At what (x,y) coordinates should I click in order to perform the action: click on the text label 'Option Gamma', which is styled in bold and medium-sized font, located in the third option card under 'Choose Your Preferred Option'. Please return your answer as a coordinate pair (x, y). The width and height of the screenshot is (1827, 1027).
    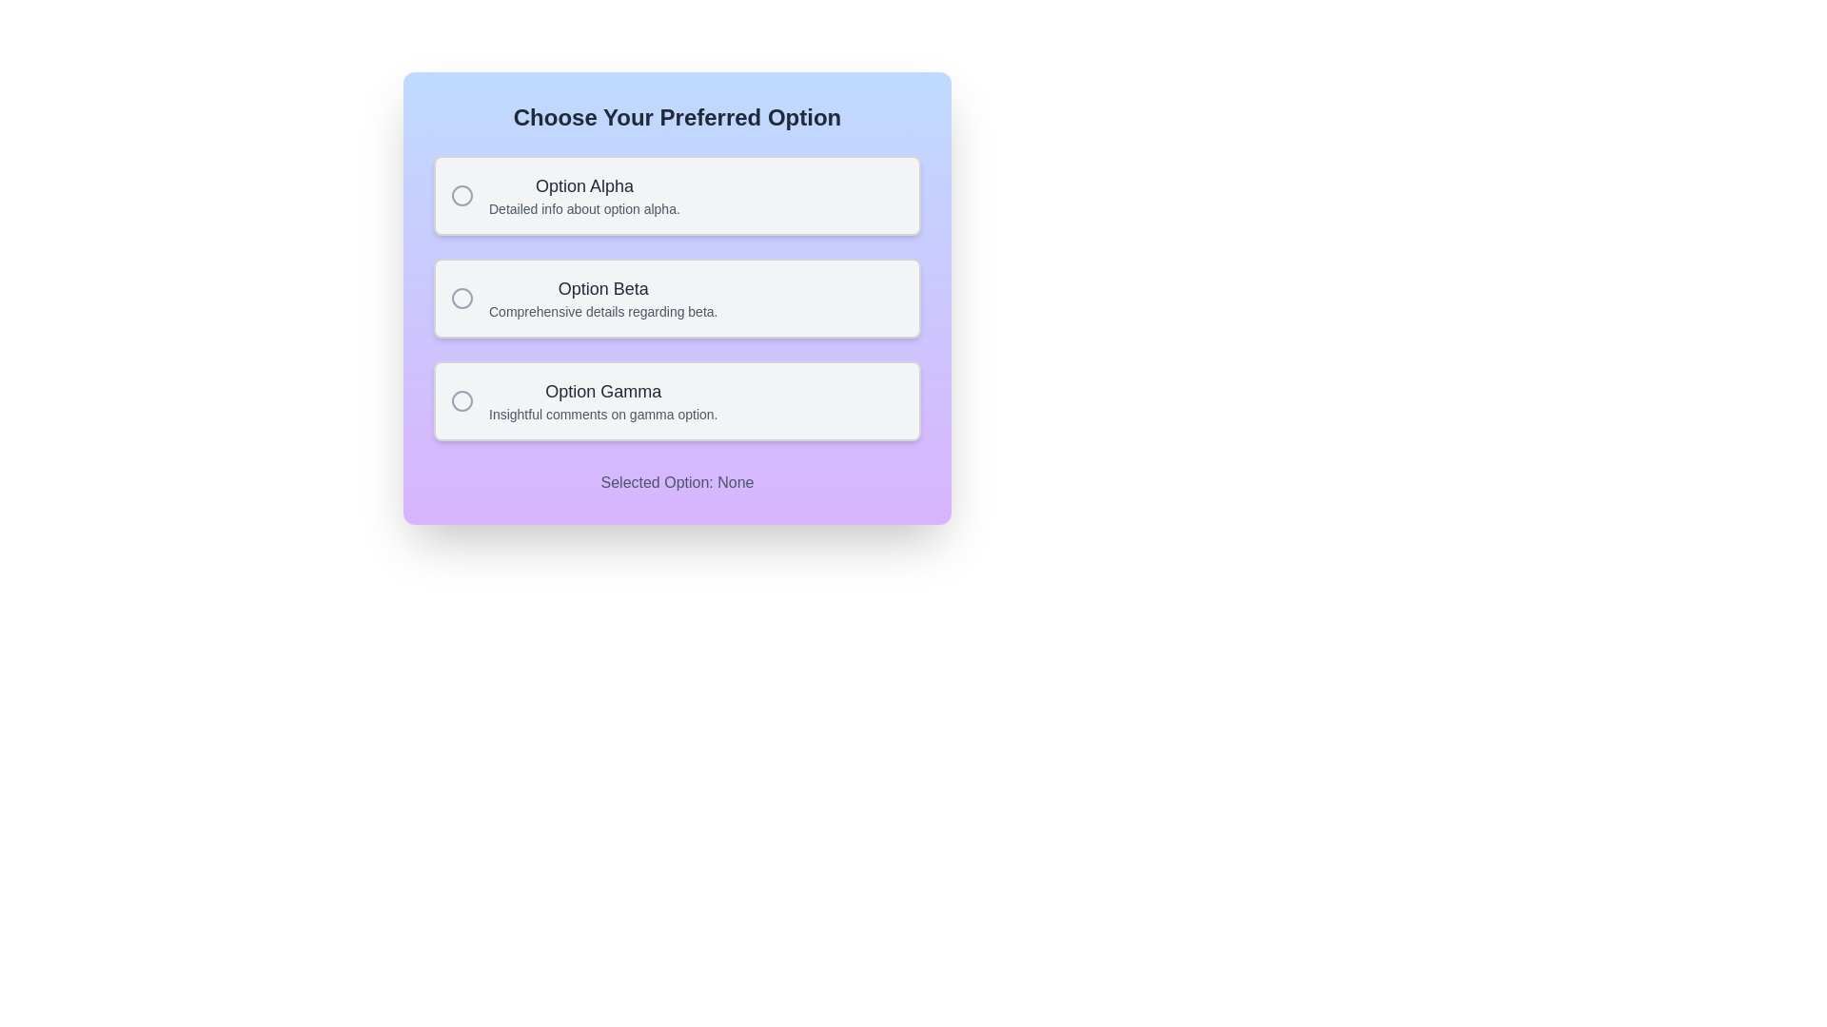
    Looking at the image, I should click on (602, 391).